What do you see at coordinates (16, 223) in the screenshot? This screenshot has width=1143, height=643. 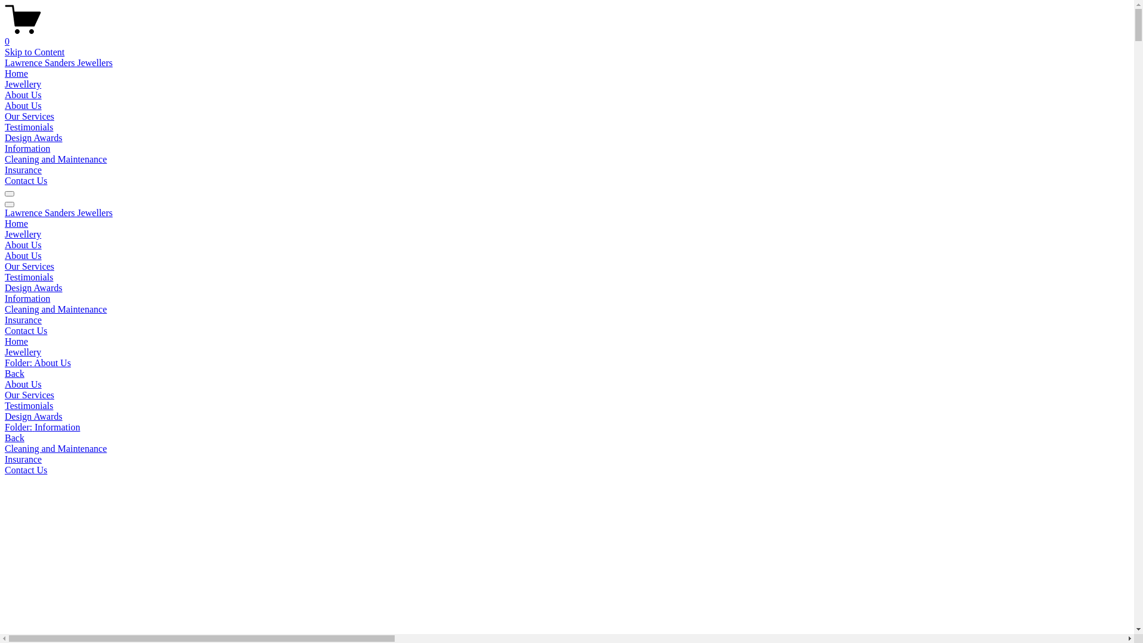 I see `'Home'` at bounding box center [16, 223].